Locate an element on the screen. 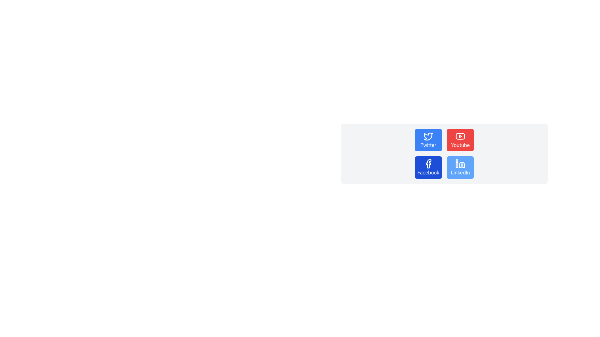 The width and height of the screenshot is (600, 337). the YouTube icon, which is part of the YouTube button located in the second column of the first row of a 2x2 grid of social media buttons is located at coordinates (460, 136).